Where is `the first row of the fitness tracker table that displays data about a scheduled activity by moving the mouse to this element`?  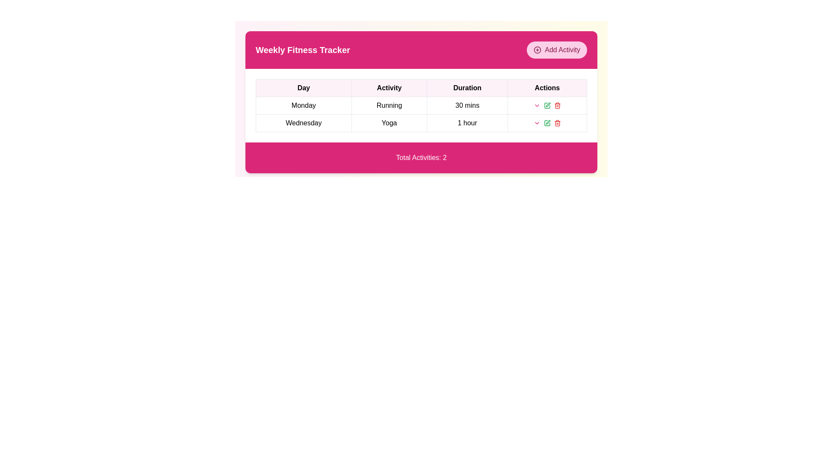
the first row of the fitness tracker table that displays data about a scheduled activity by moving the mouse to this element is located at coordinates (421, 114).